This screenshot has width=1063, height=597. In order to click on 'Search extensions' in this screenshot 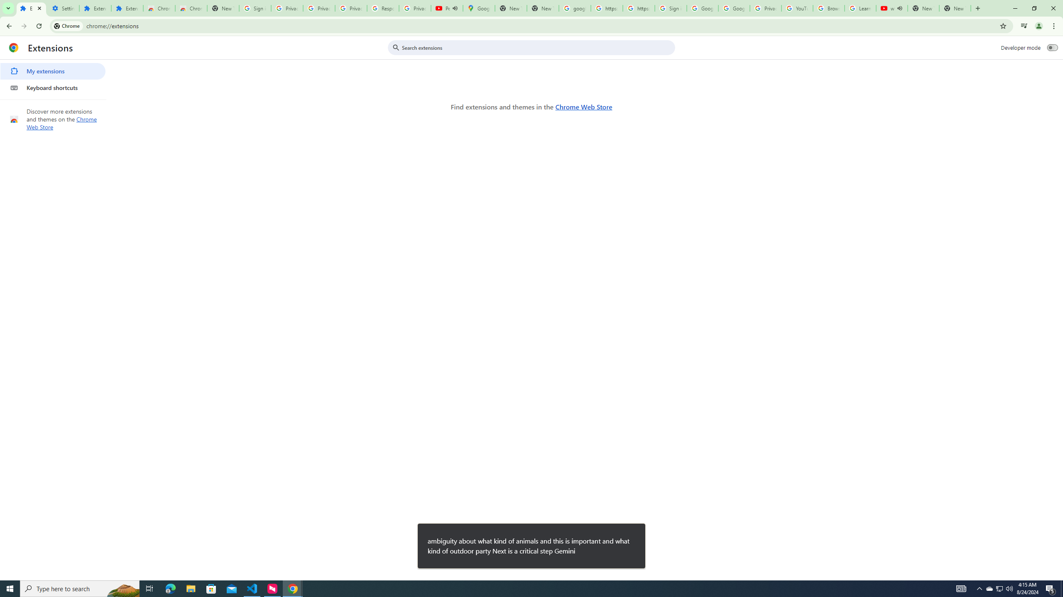, I will do `click(537, 47)`.